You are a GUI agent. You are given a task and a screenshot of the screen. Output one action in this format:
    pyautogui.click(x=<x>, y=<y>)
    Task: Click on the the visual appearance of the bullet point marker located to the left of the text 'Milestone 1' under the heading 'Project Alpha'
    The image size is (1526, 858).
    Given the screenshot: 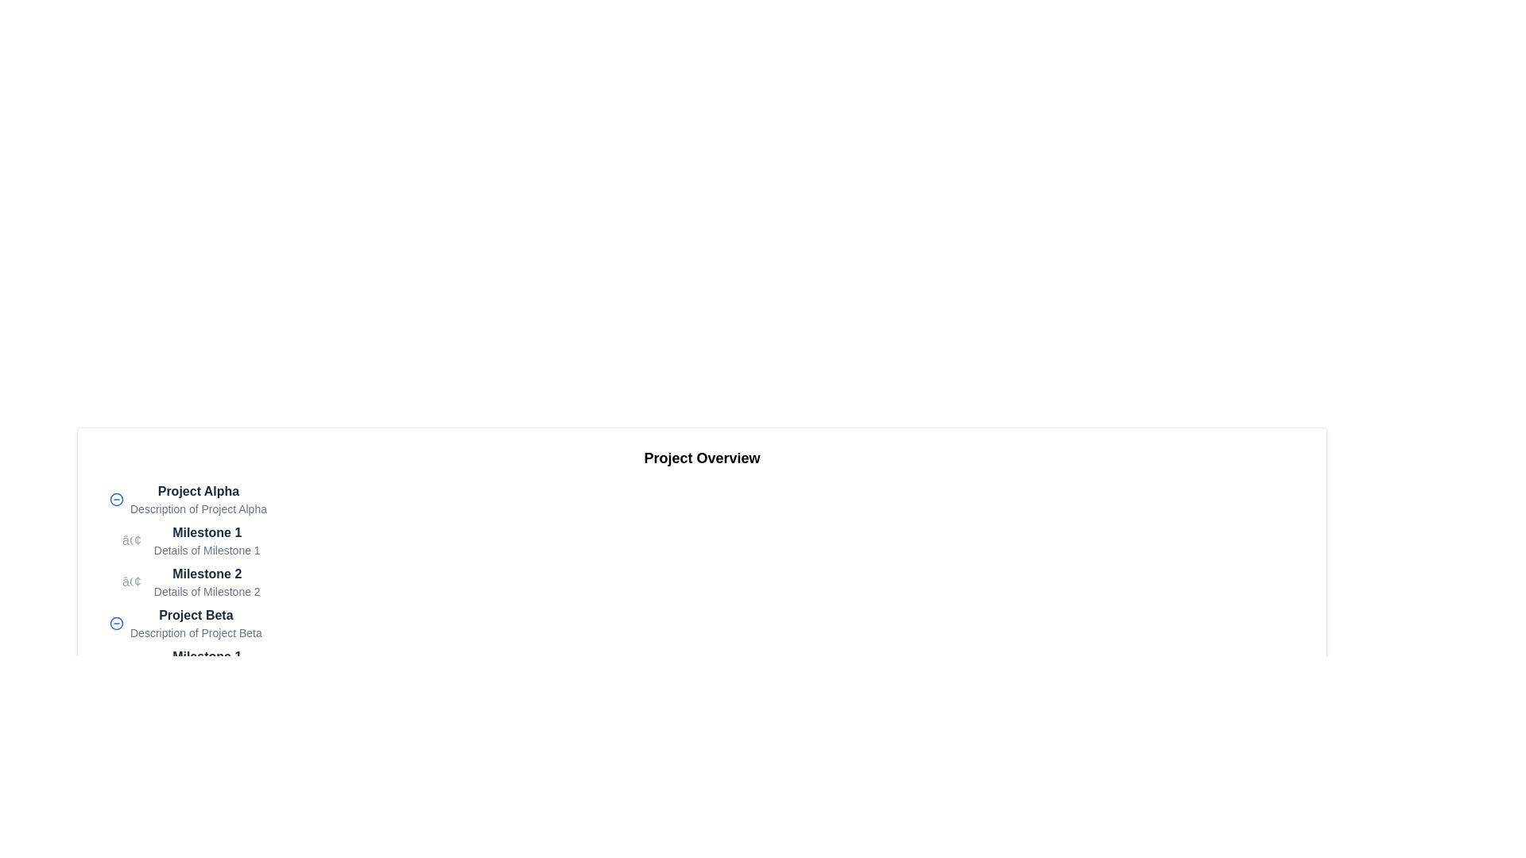 What is the action you would take?
    pyautogui.click(x=131, y=540)
    